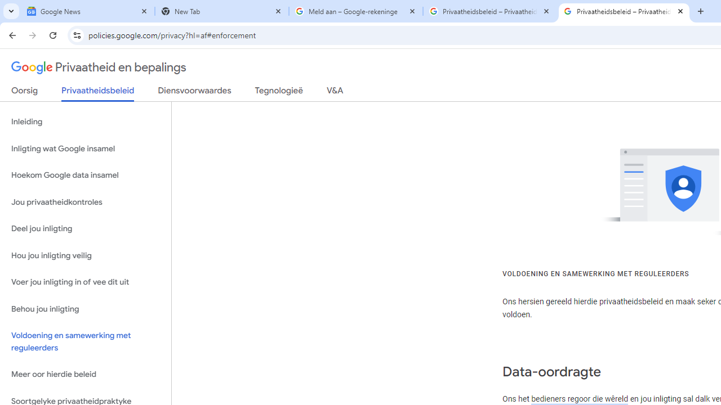 Image resolution: width=721 pixels, height=405 pixels. Describe the element at coordinates (25, 92) in the screenshot. I see `'Oorsig'` at that location.